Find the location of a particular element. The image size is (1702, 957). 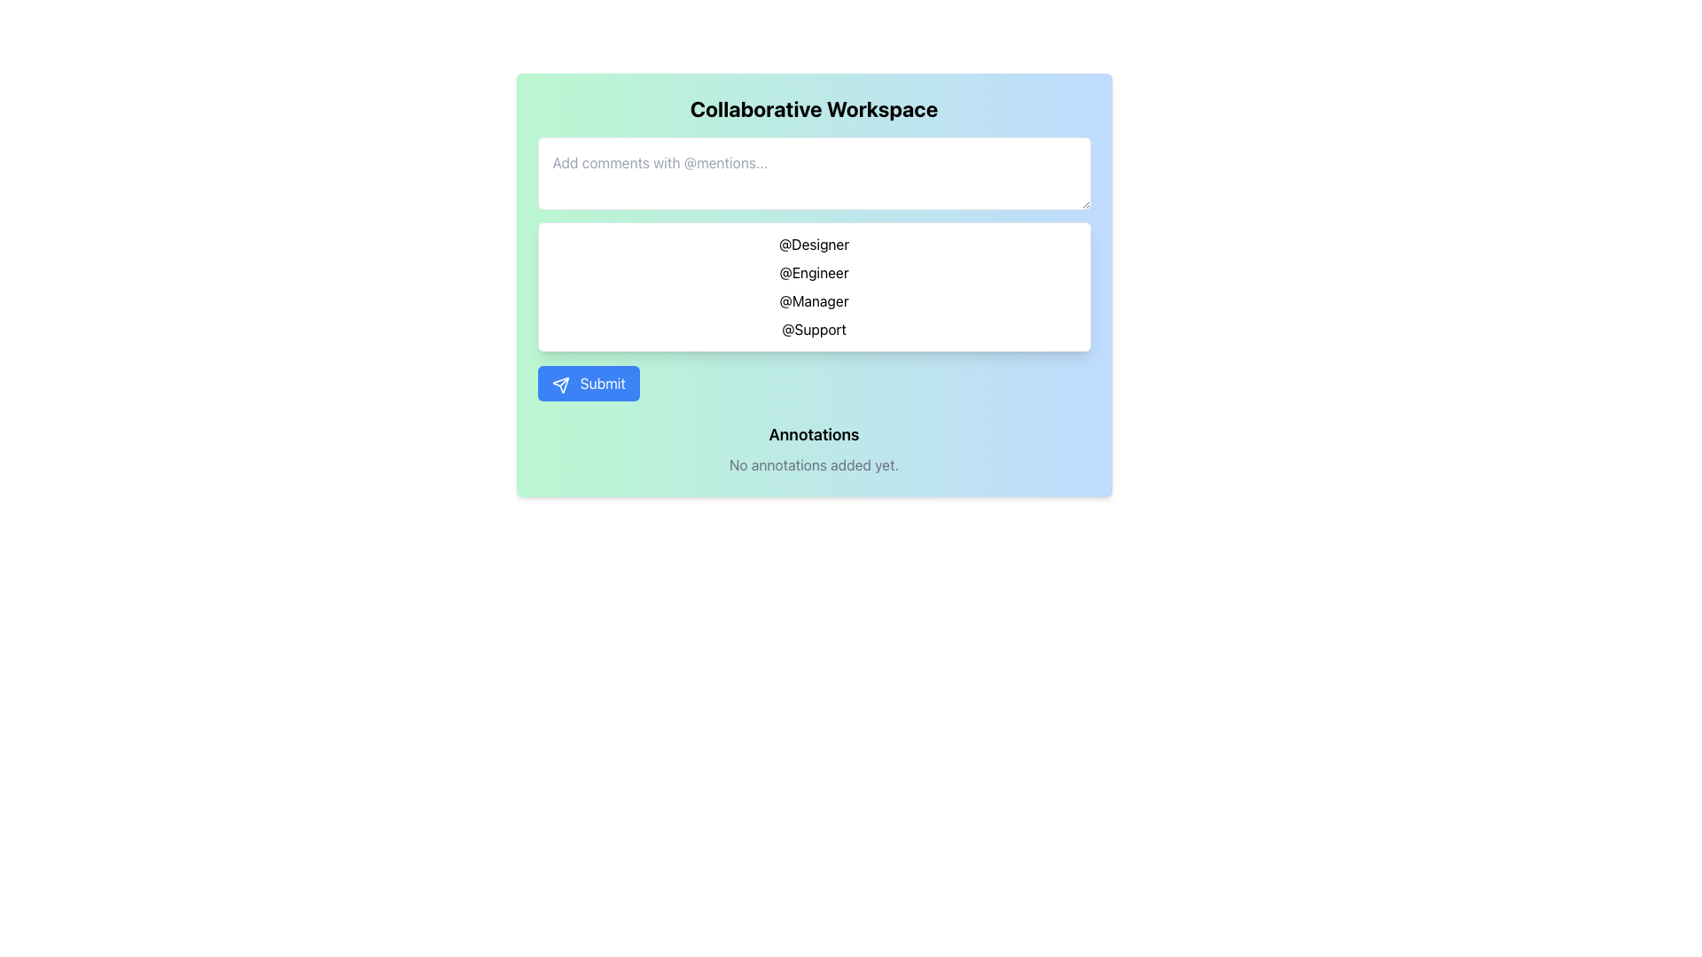

the text label displaying 'No annotations added yet.' which is located directly under the section titled 'Annotations' and centered within the blue content area is located at coordinates (813, 463).